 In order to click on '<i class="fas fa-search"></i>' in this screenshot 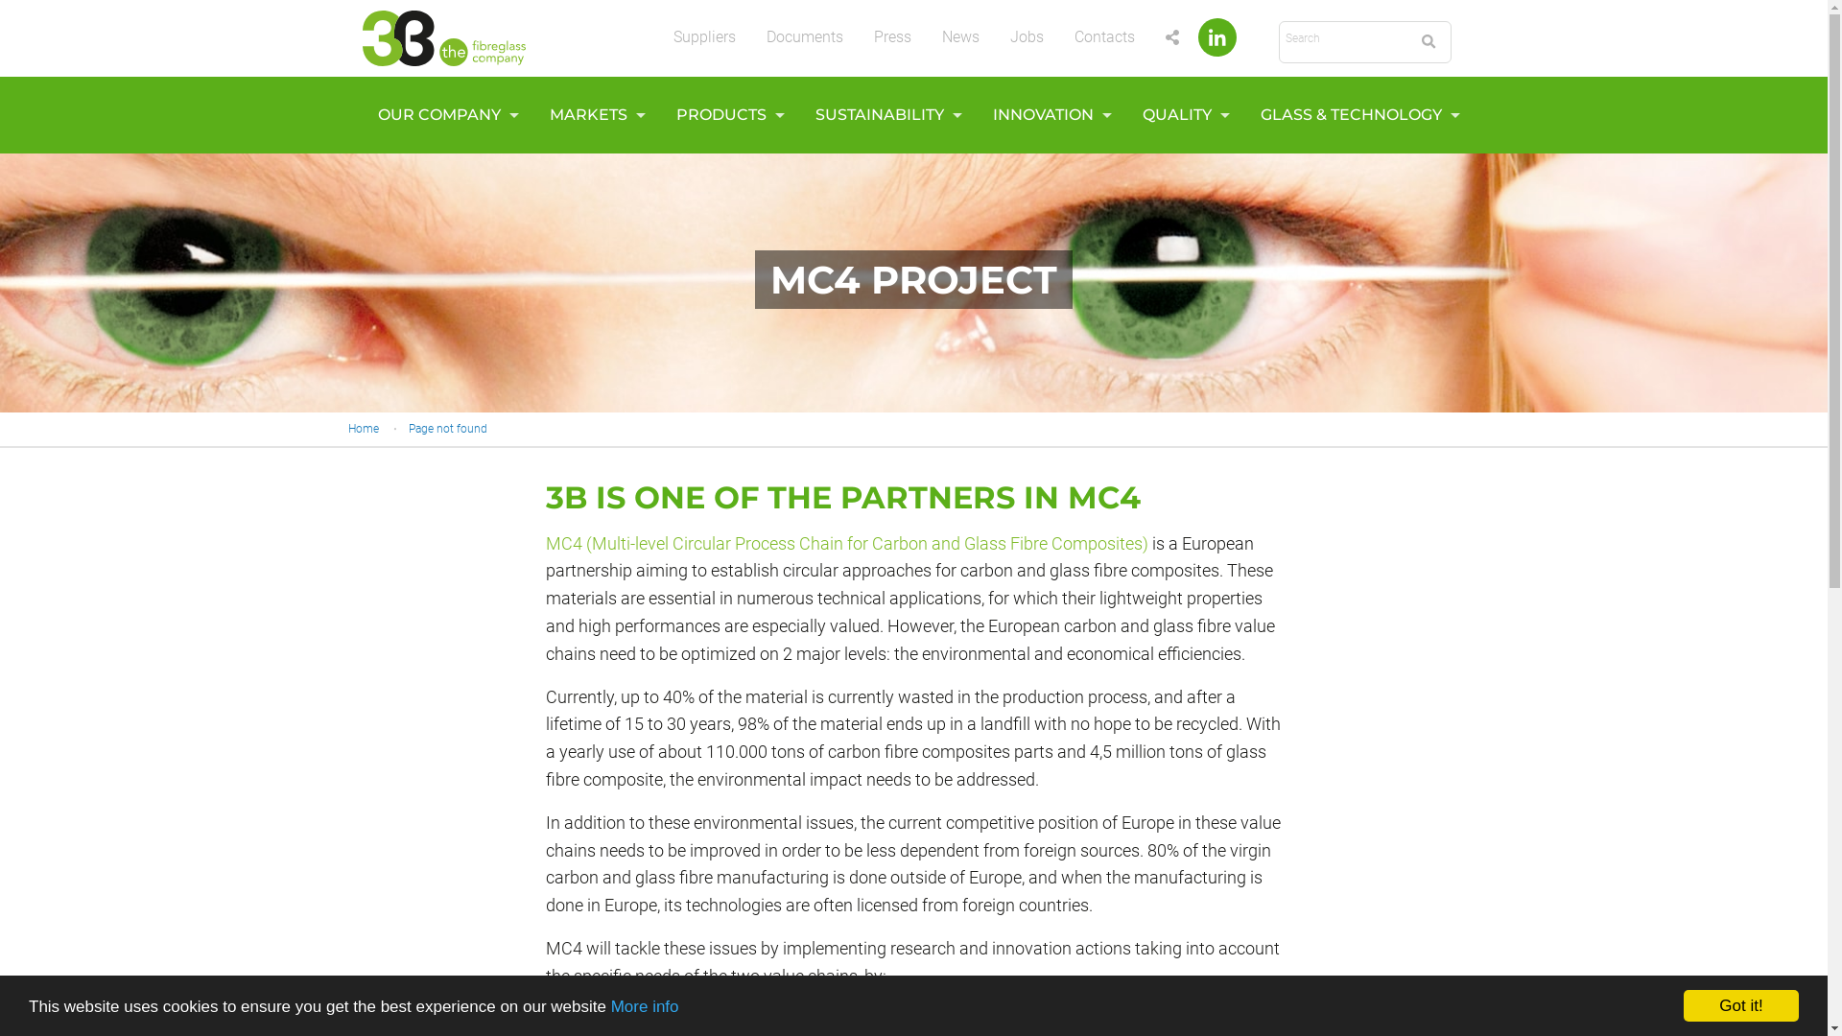, I will do `click(1428, 41)`.